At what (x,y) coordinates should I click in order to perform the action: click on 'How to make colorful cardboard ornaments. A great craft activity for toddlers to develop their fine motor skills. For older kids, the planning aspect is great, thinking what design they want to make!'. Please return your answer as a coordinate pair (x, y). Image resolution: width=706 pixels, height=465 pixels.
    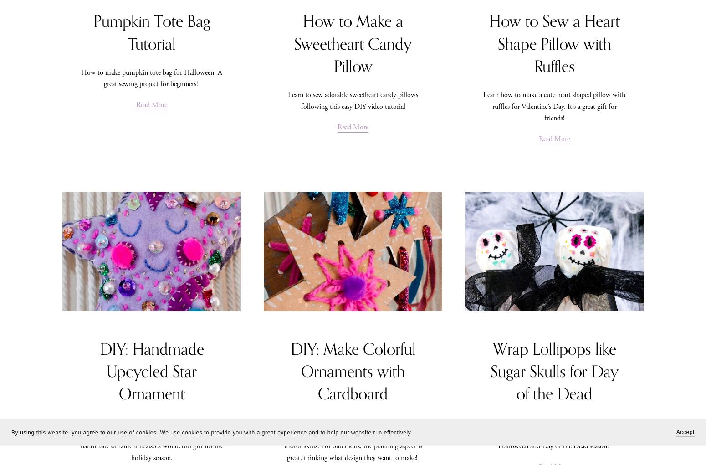
    Looking at the image, I should click on (353, 439).